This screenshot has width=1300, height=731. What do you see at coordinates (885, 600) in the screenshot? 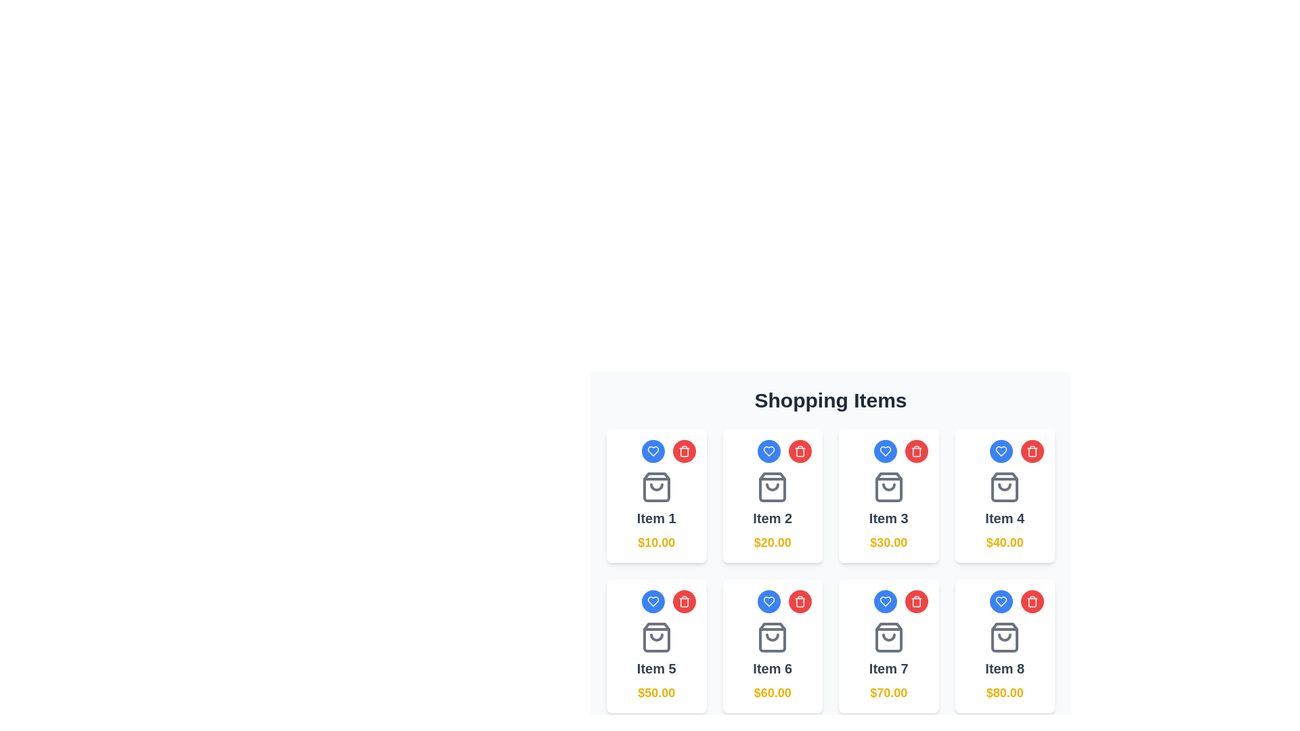
I see `the heart-shaped icon button outlined in blue that represents 'favorite' or 'like' functionality, located at the top left corner of the section for 'Item 7'` at bounding box center [885, 600].